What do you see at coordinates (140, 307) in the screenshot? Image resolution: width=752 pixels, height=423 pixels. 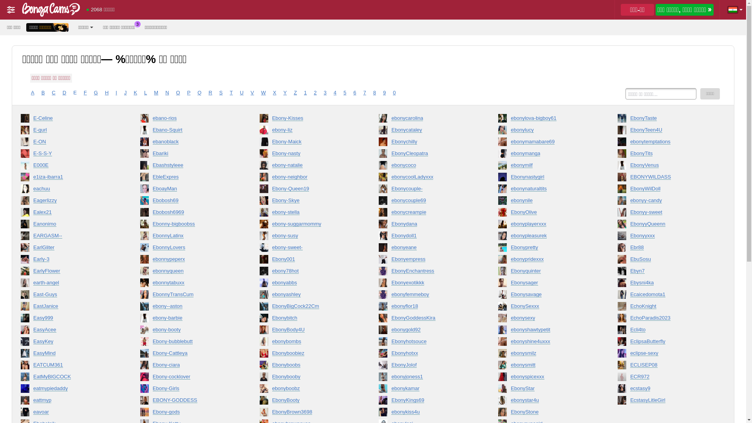 I see `'ebony--aston'` at bounding box center [140, 307].